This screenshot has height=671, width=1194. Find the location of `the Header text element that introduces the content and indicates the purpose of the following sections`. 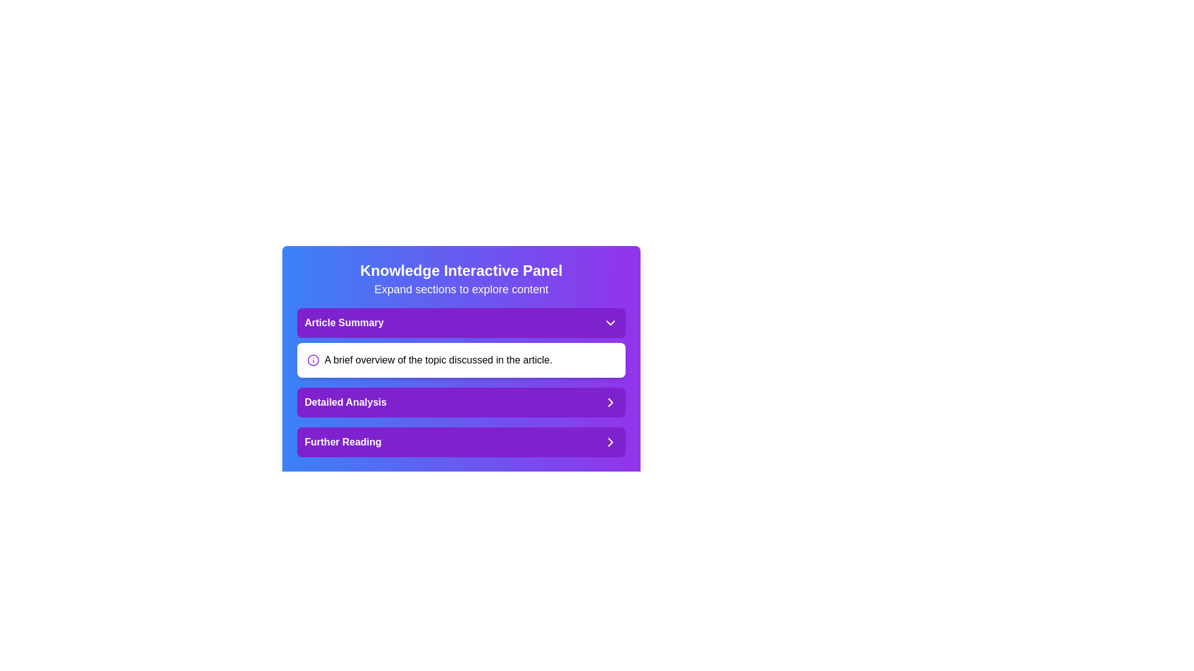

the Header text element that introduces the content and indicates the purpose of the following sections is located at coordinates (461, 280).